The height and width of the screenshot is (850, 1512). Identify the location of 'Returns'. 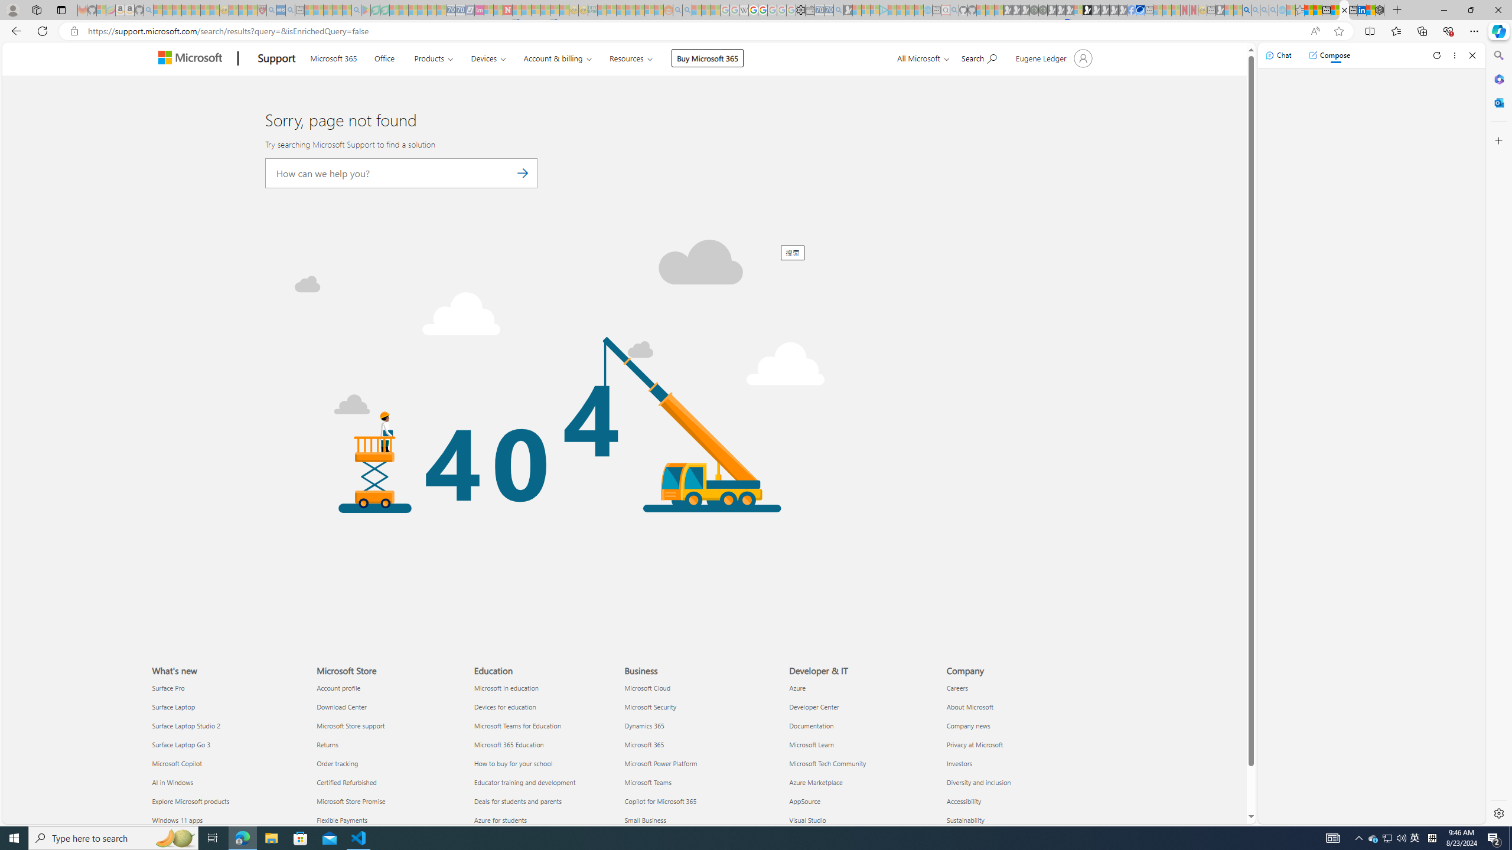
(387, 744).